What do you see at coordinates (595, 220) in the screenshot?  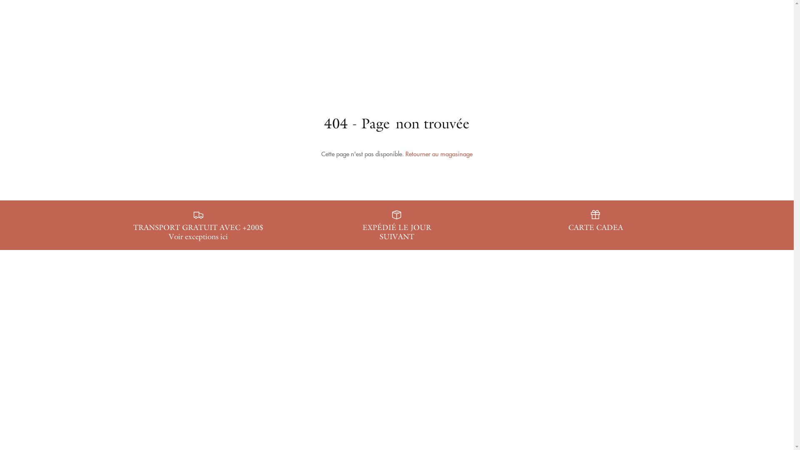 I see `'CARTE CADEA'` at bounding box center [595, 220].